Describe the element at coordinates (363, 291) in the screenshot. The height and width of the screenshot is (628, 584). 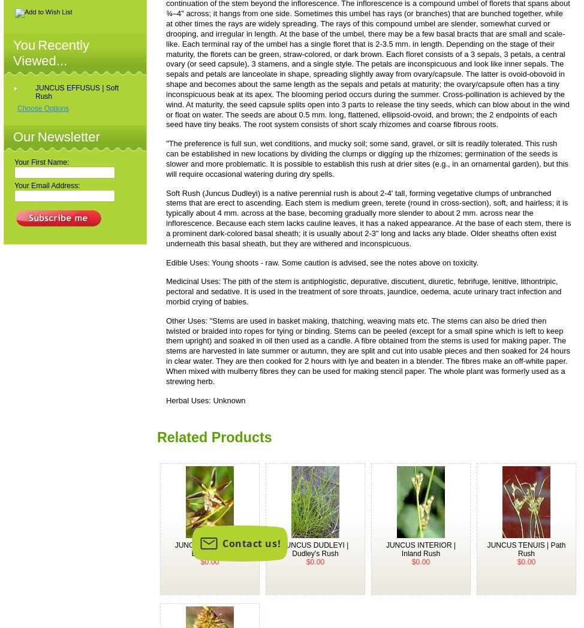
I see `'Medicinal Uses: The pith of the stem is antiphlogistic, depurative, discutient, diuretic, febrifuge, lenitive, lithontripic, pectoral and sedative. It is used in the treatment of sore throats, jaundice, oedema, acute urinary tract infection and morbid crying of babies.'` at that location.